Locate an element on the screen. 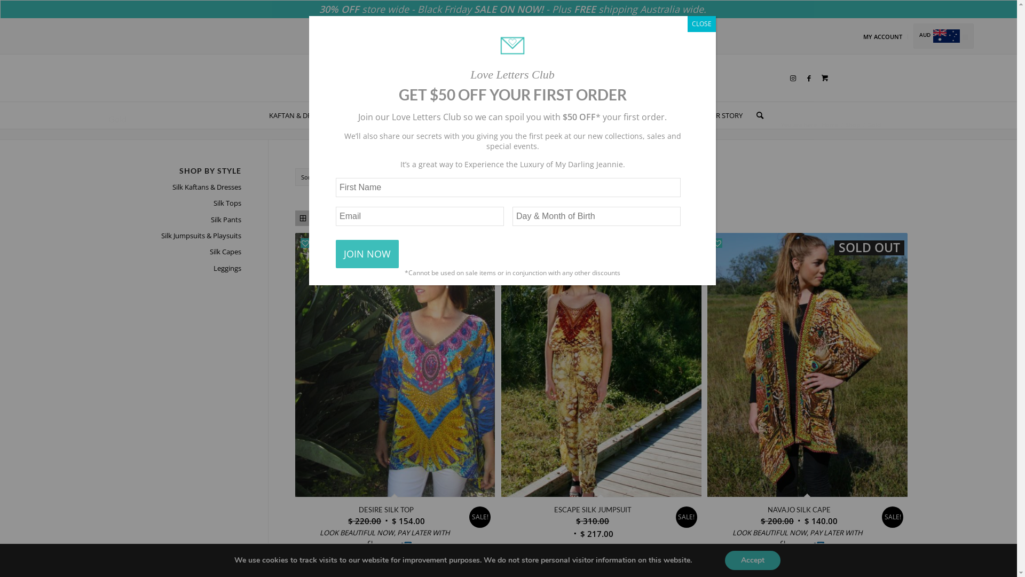 The width and height of the screenshot is (1025, 577). 'Leggings' is located at coordinates (174, 268).